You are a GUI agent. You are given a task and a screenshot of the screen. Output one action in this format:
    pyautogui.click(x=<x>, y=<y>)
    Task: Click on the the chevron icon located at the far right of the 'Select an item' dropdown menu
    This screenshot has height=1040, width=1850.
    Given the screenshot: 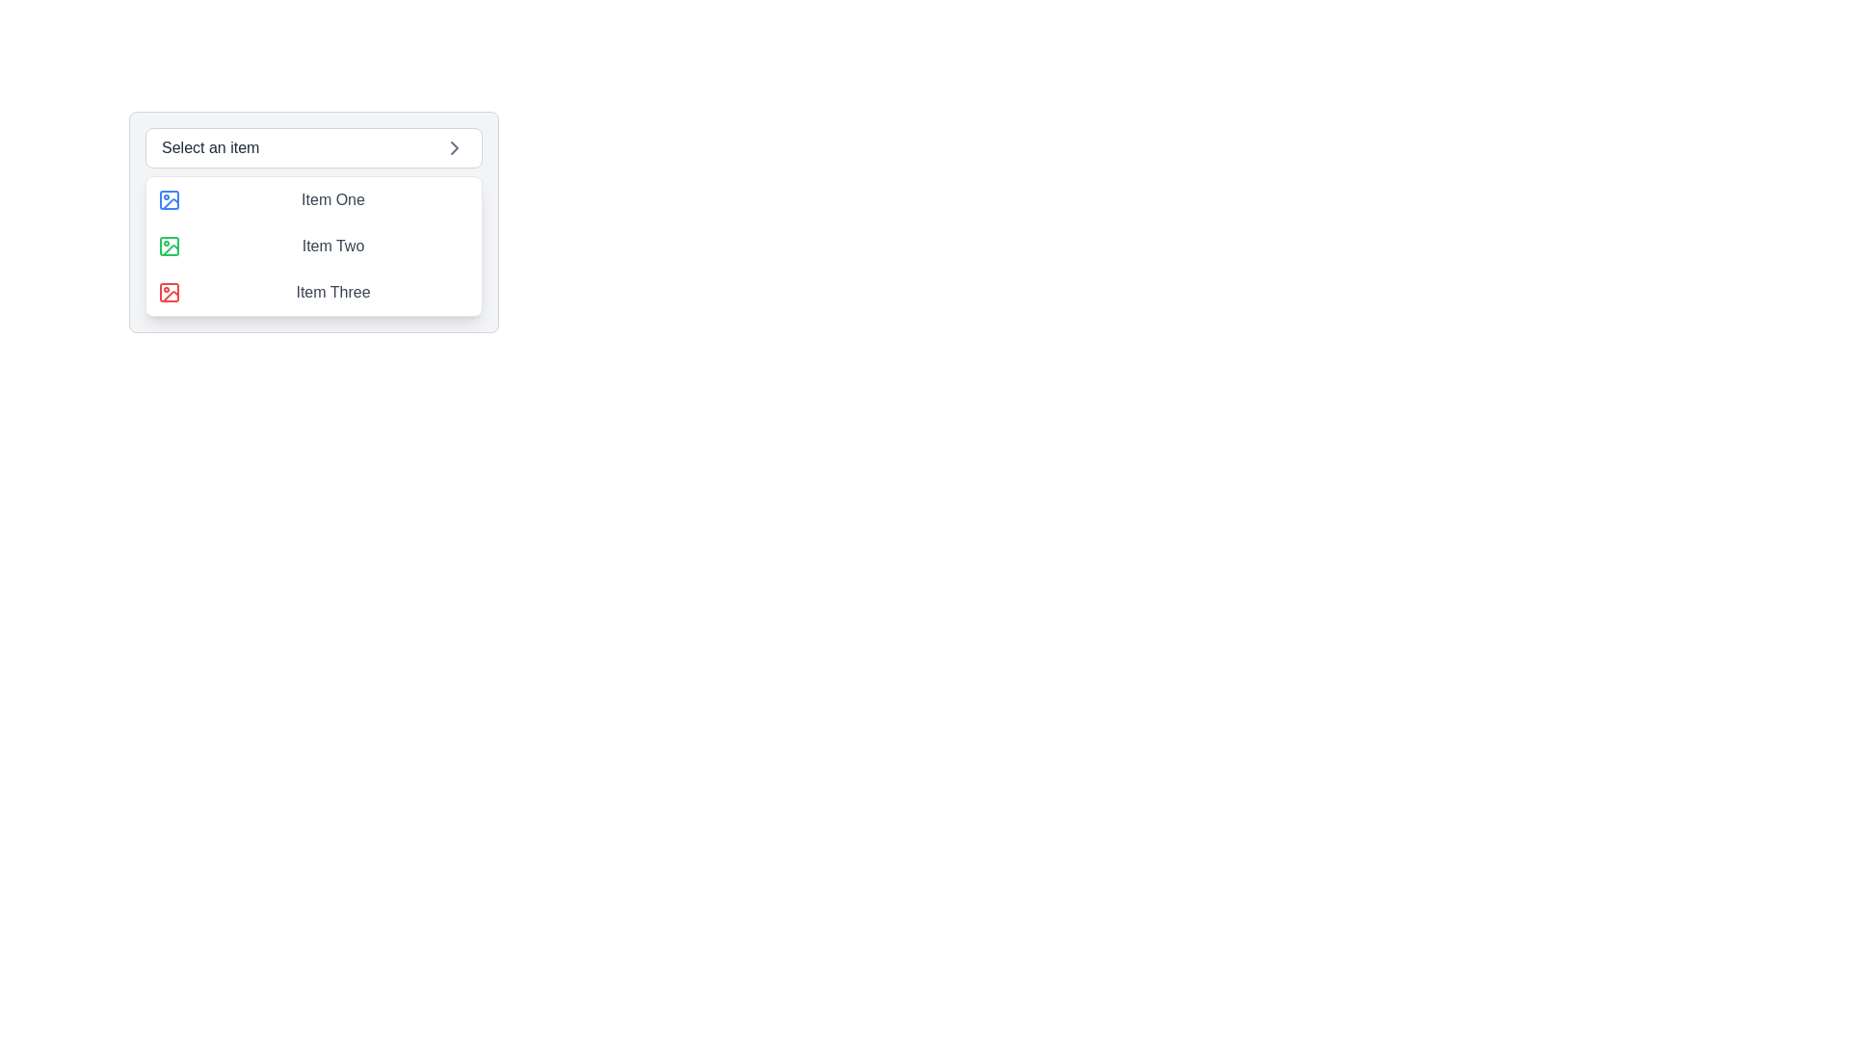 What is the action you would take?
    pyautogui.click(x=453, y=147)
    